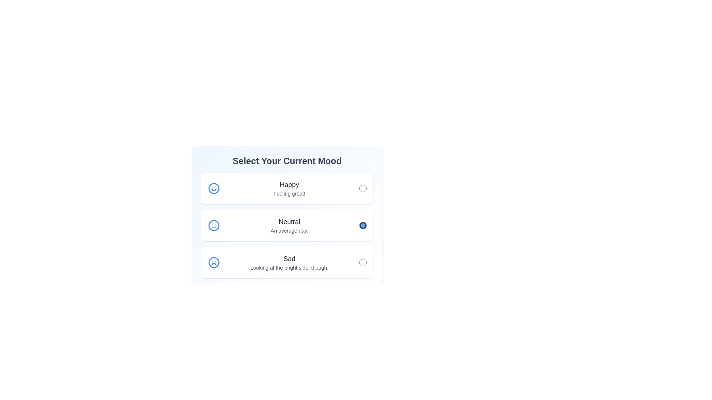 The image size is (712, 400). What do you see at coordinates (213, 188) in the screenshot?
I see `the happy mood icon in the mood selection interface, which is the leftmost component of the first entry next to the 'Happy' title` at bounding box center [213, 188].